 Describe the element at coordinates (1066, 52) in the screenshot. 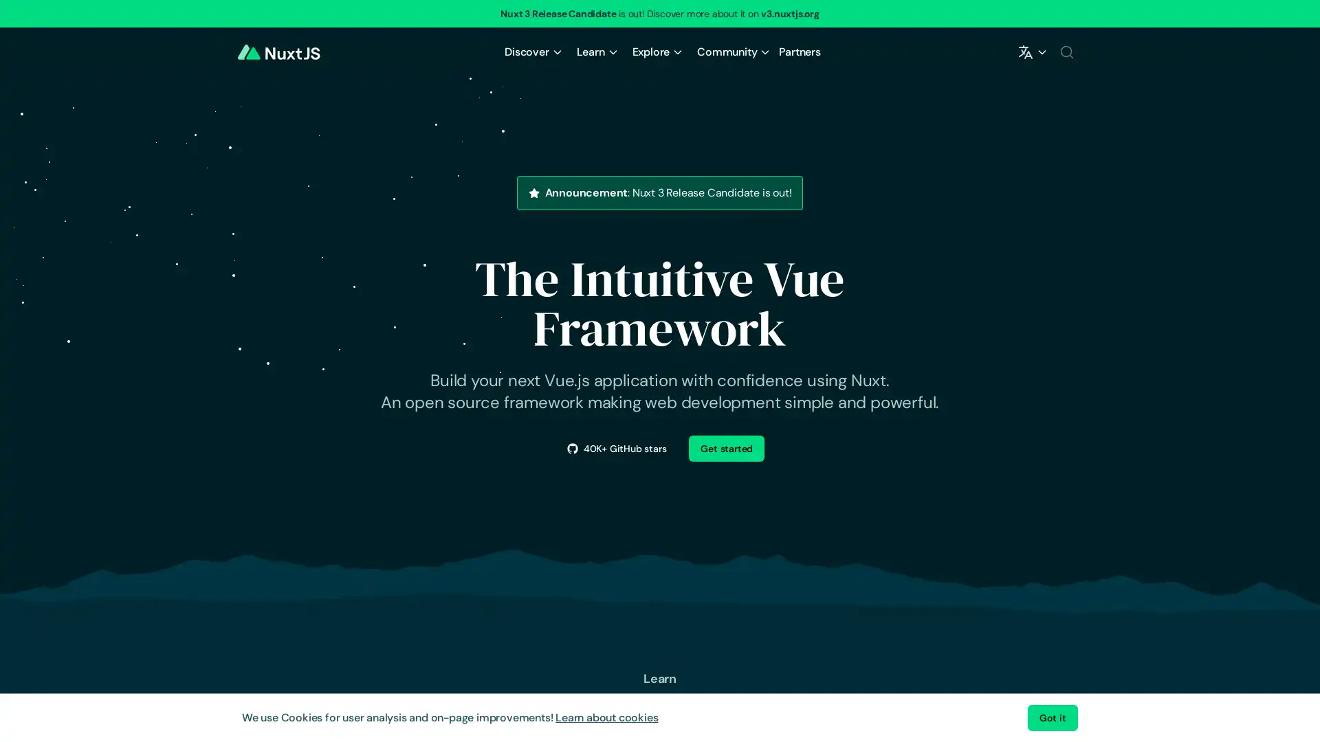

I see `Search` at that location.